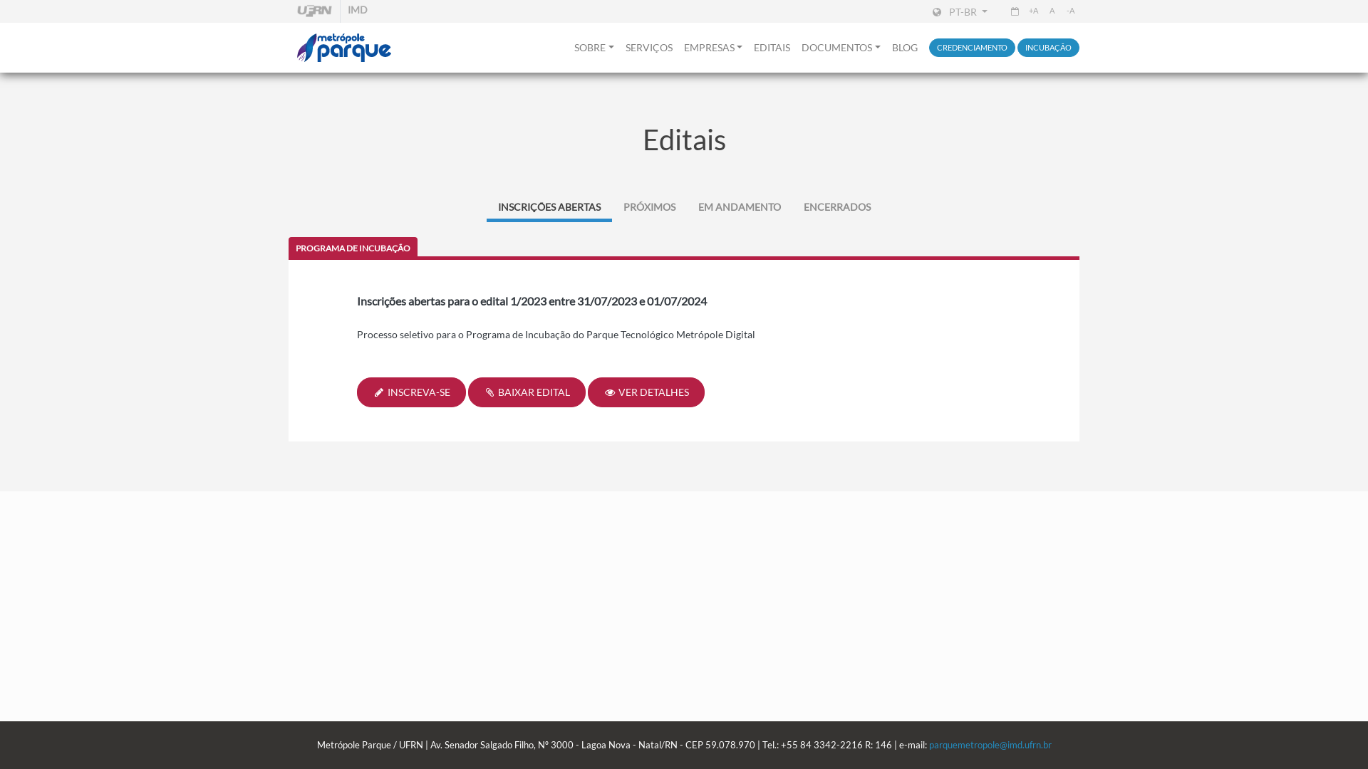 The image size is (1368, 769). Describe the element at coordinates (338, 11) in the screenshot. I see `'IMD'` at that location.